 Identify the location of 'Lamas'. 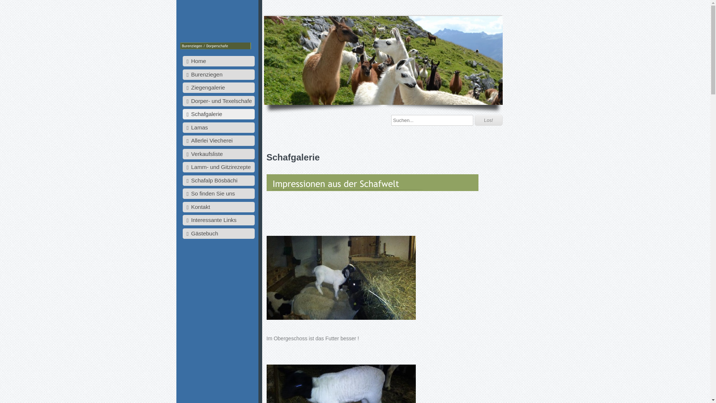
(182, 127).